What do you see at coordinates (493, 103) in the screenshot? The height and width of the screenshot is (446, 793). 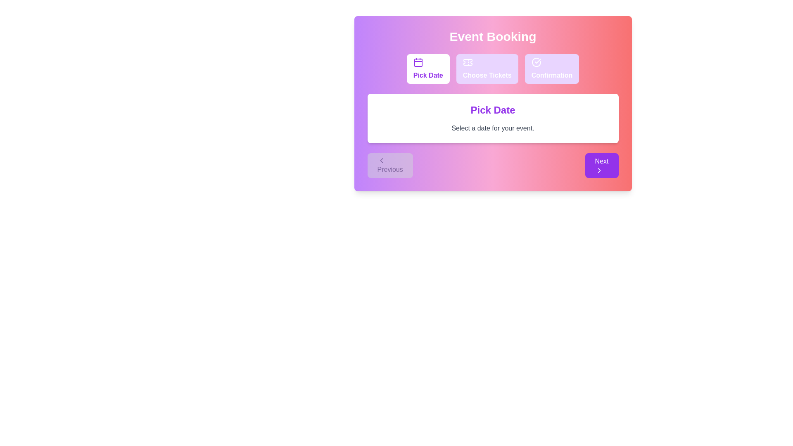 I see `the Interactive step panel to proceed with the event booking process, which is located below the 'Event Booking' title and above the navigation buttons` at bounding box center [493, 103].